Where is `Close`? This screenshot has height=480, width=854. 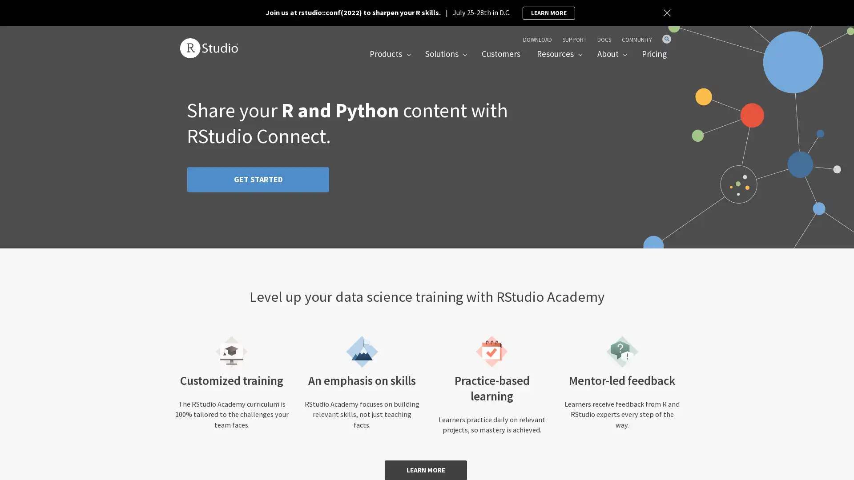 Close is located at coordinates (668, 13).